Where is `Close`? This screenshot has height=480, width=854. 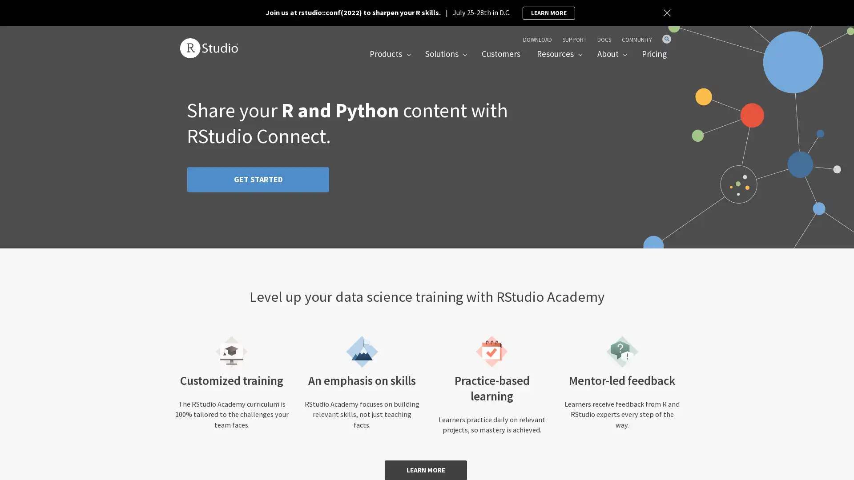 Close is located at coordinates (668, 13).